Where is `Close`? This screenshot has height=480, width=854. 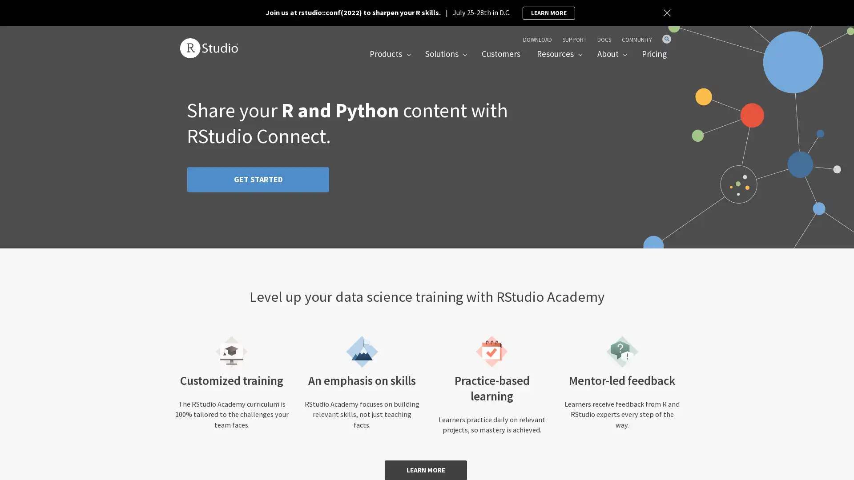 Close is located at coordinates (668, 13).